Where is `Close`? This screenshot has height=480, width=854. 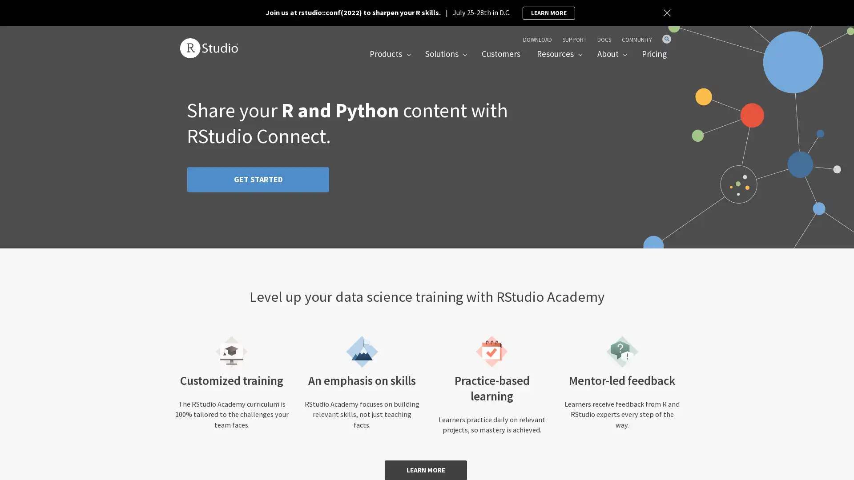 Close is located at coordinates (668, 13).